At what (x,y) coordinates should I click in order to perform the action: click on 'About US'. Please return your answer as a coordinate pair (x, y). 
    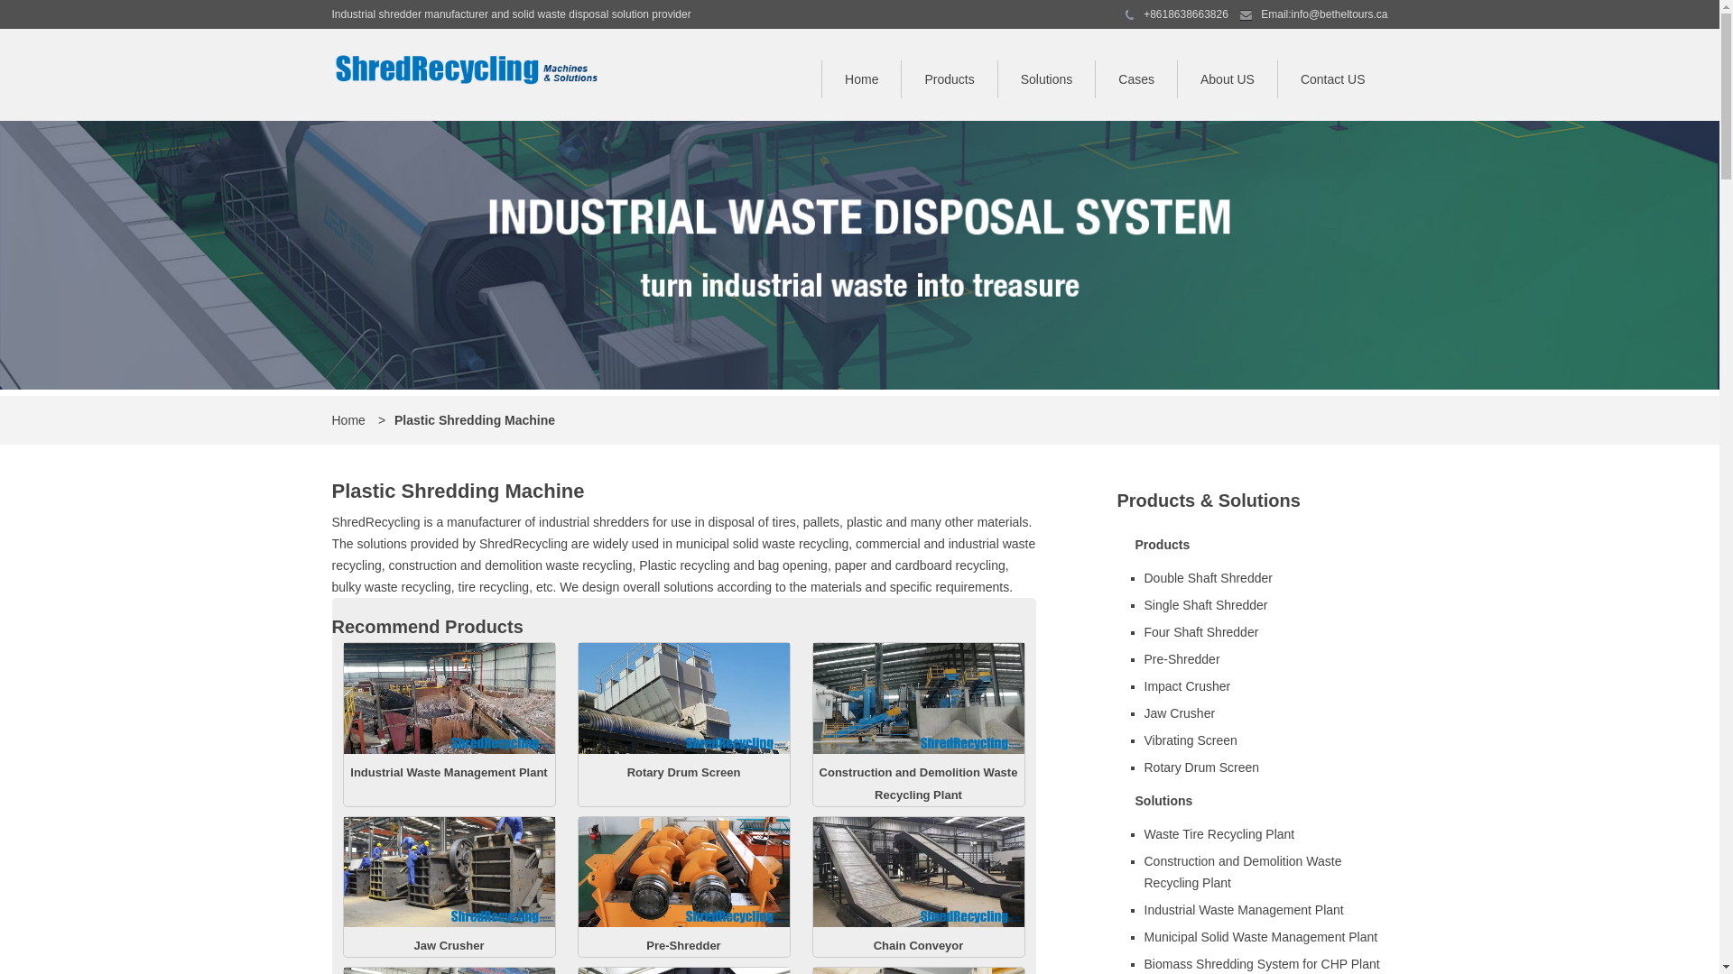
    Looking at the image, I should click on (1227, 78).